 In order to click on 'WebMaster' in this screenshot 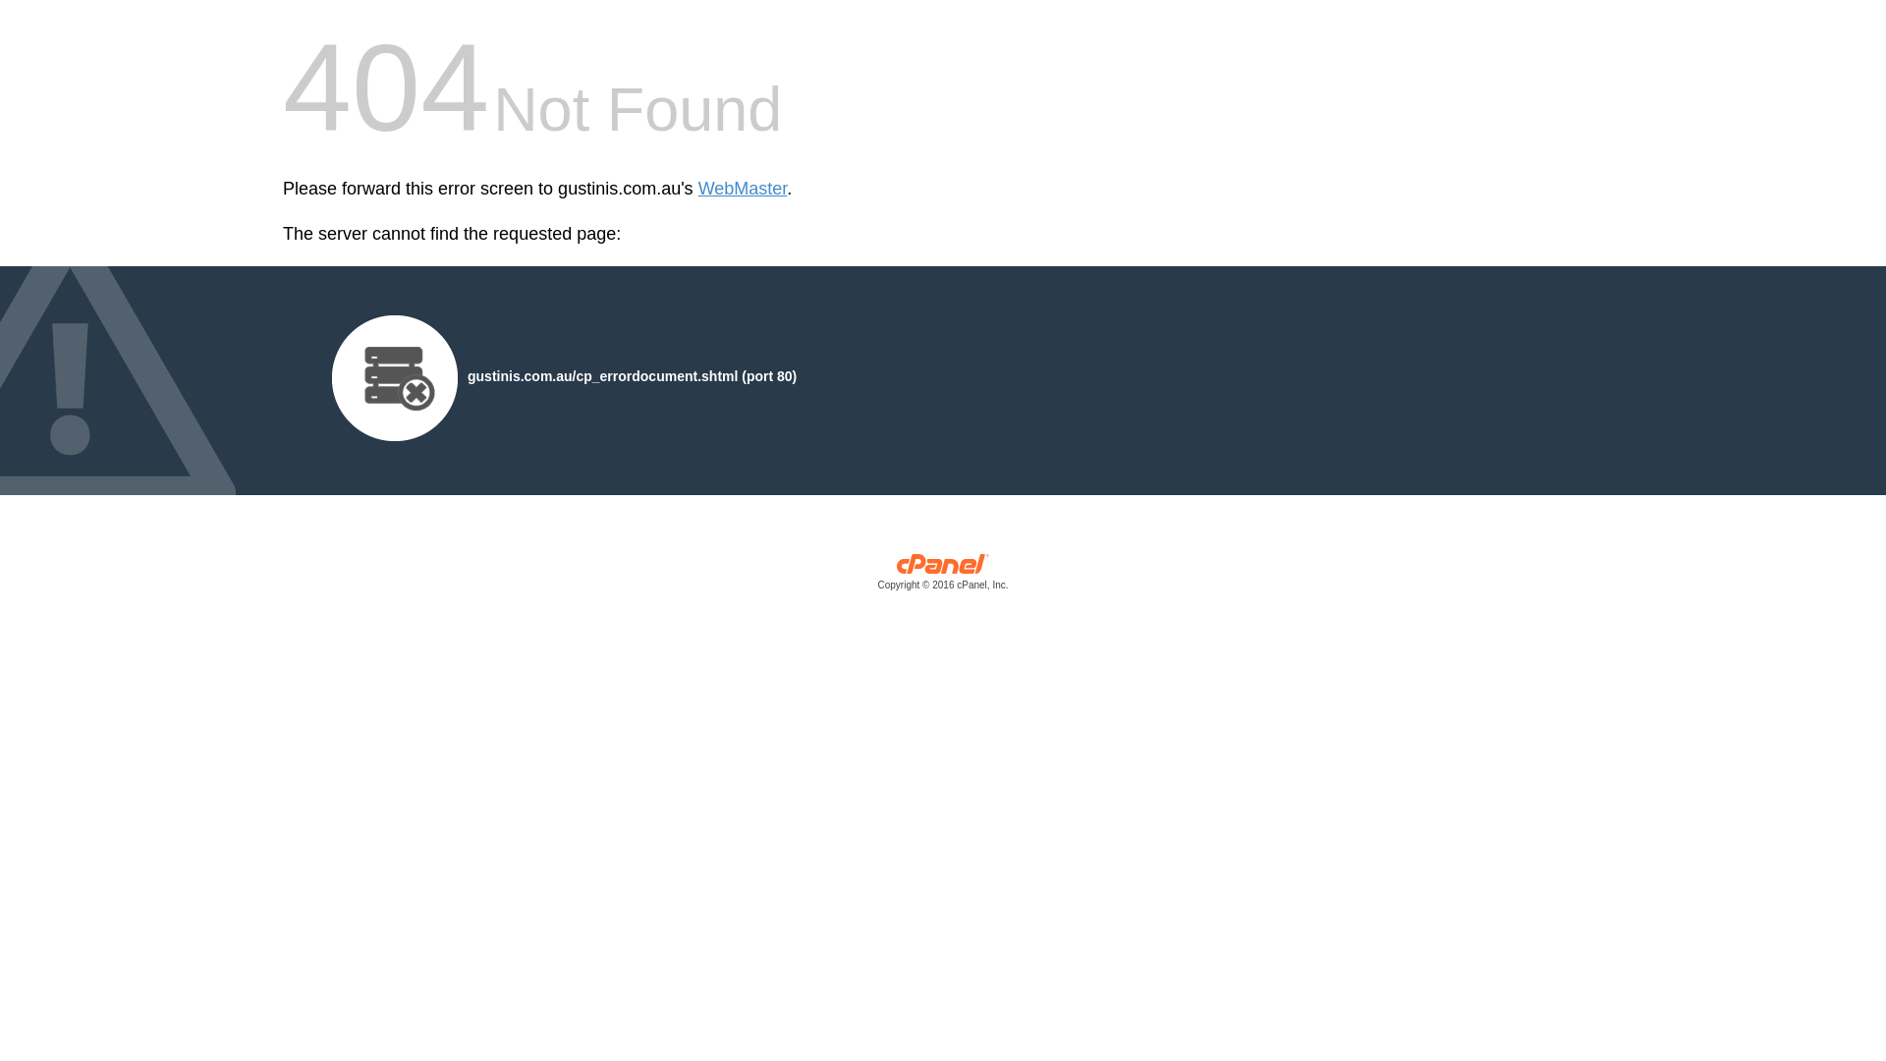, I will do `click(742, 189)`.